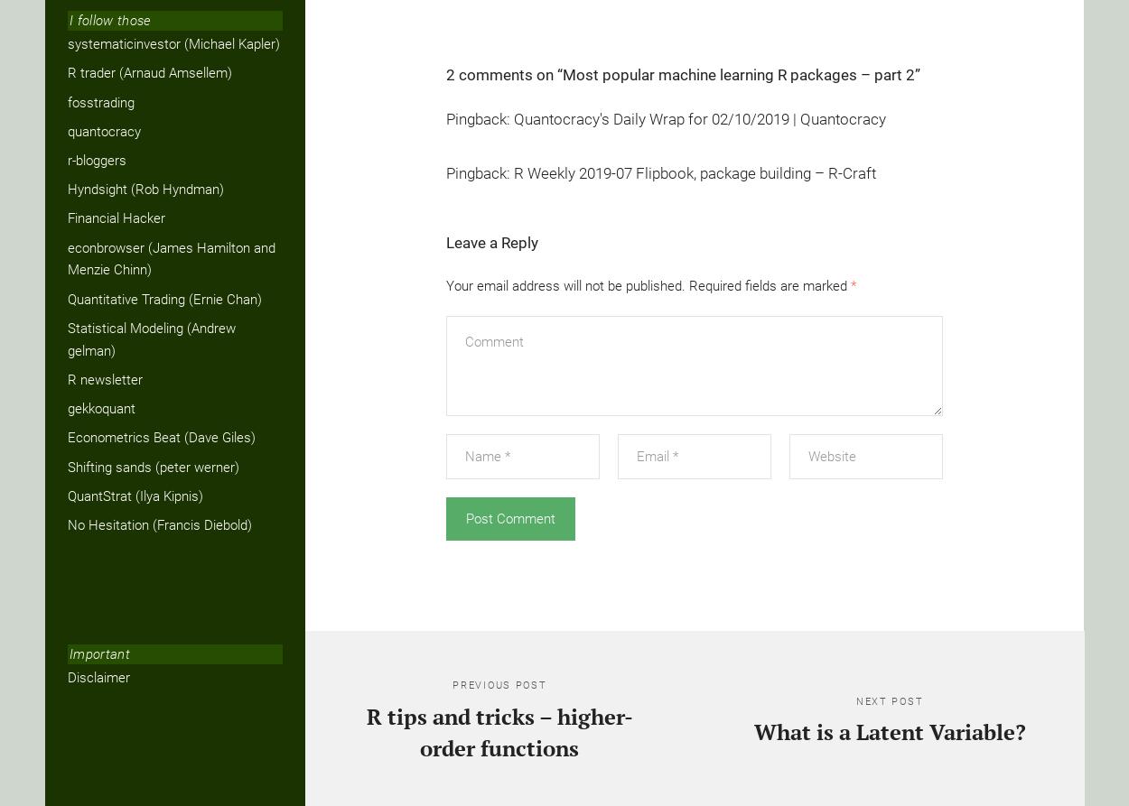 The image size is (1129, 806). Describe the element at coordinates (67, 523) in the screenshot. I see `'No Hesitation (Francis Diebold)'` at that location.